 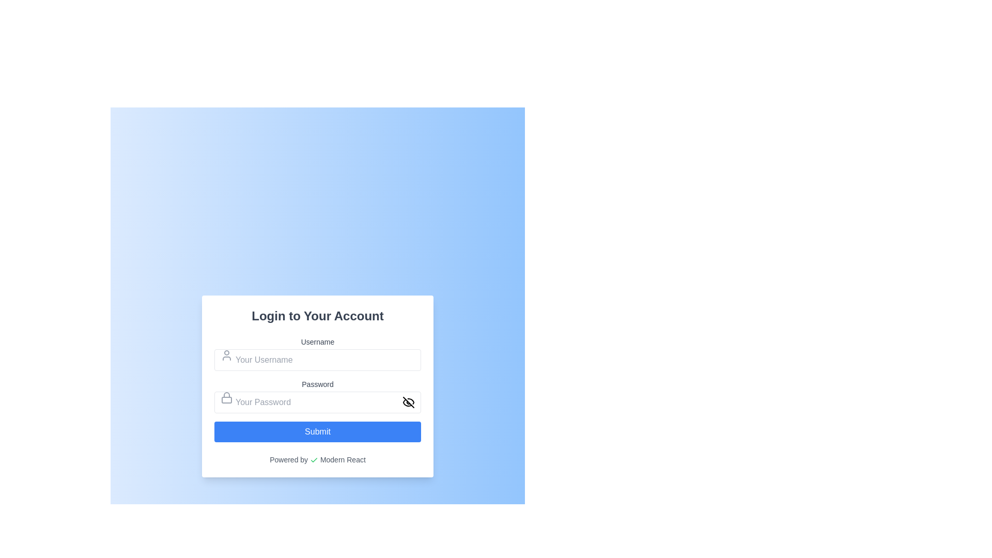 I want to click on the checkmark icon located in the footer of the login box, which signifies confirmation or success, positioned to the left of the text 'Powered by Modern React', so click(x=314, y=460).